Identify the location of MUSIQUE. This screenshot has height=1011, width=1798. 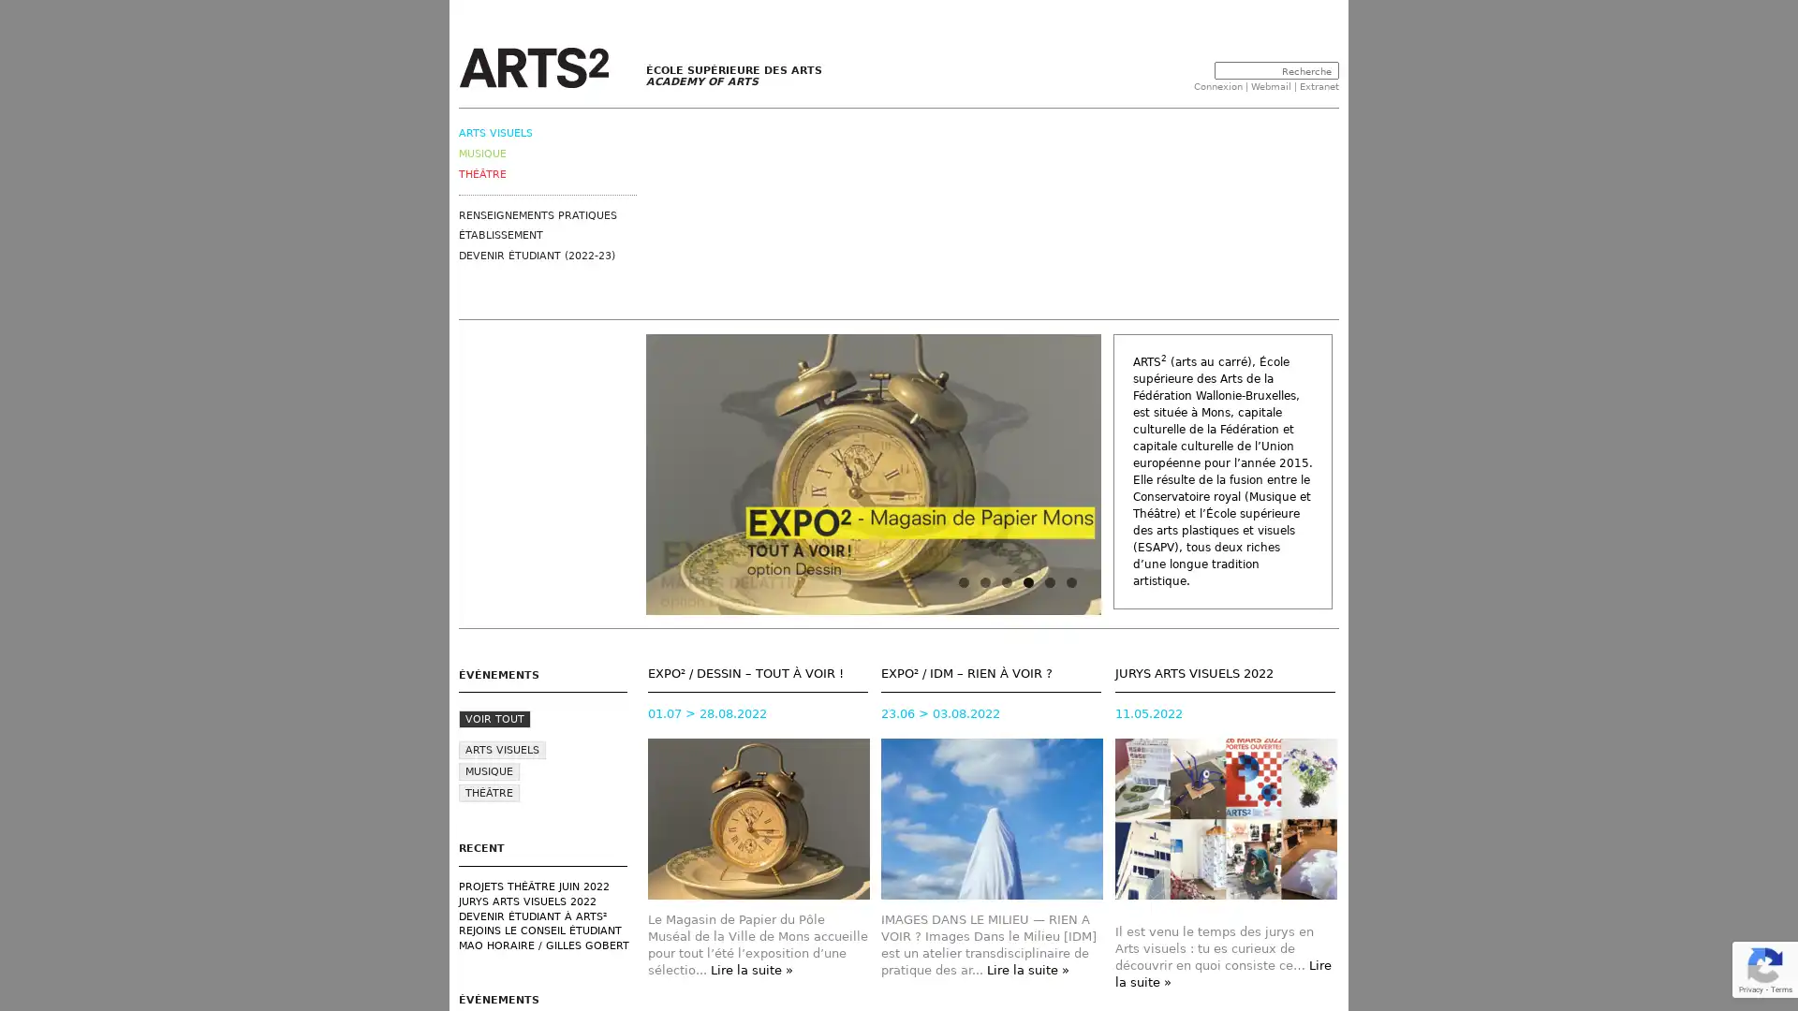
(489, 771).